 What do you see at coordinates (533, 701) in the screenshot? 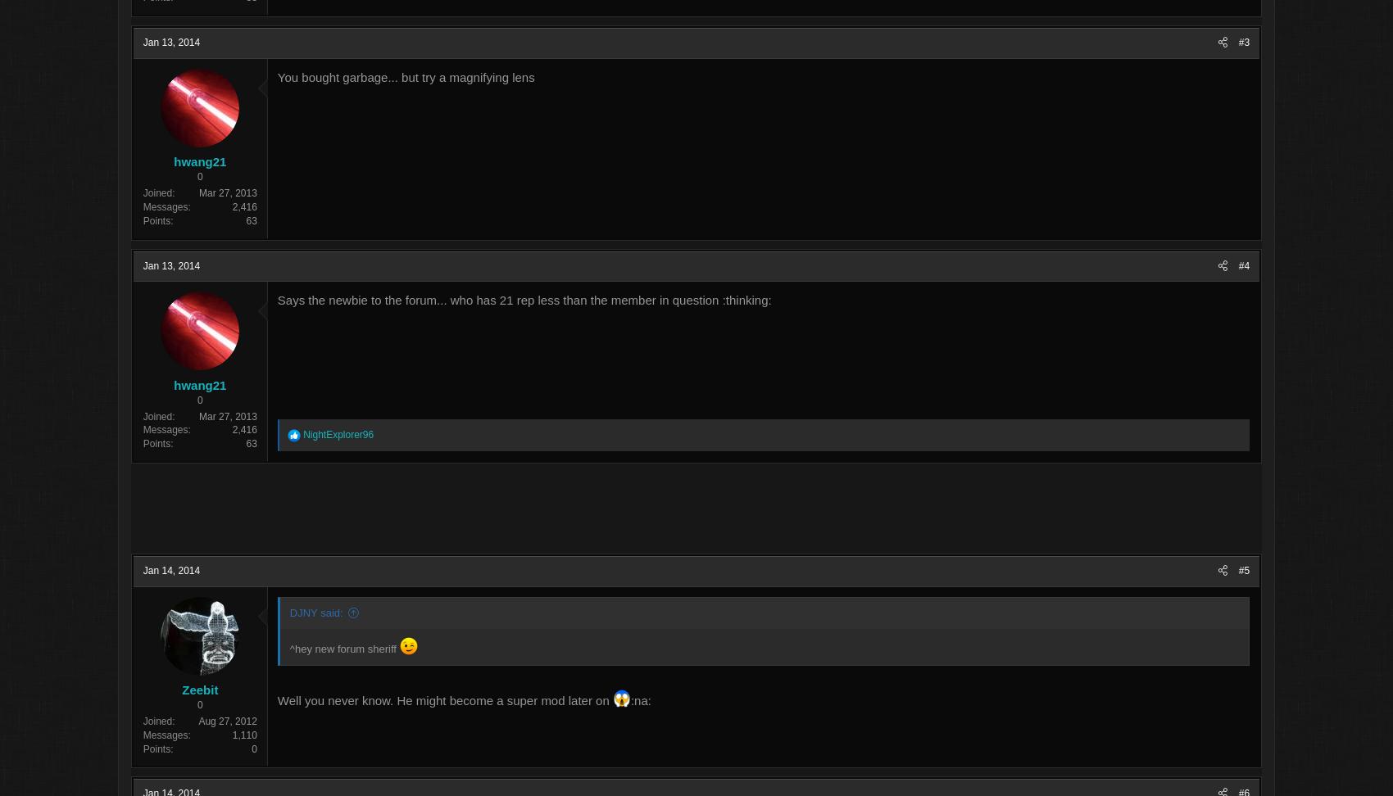
I see `'Well you never know. He might become a super mod later on'` at bounding box center [533, 701].